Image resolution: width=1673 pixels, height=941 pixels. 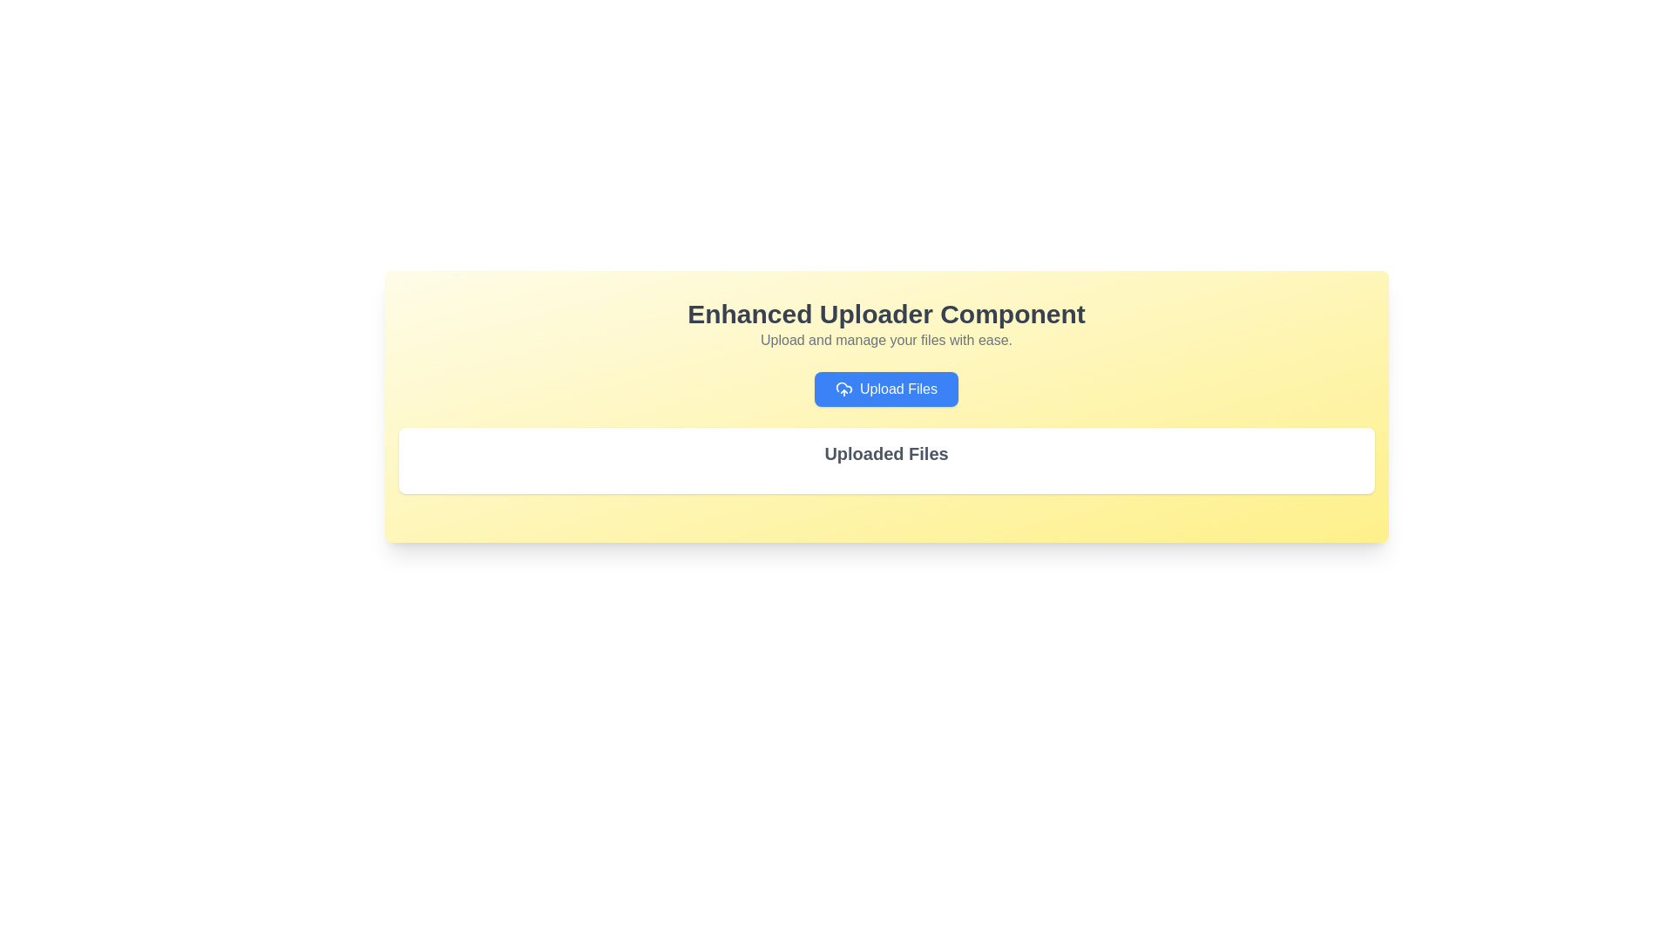 What do you see at coordinates (844, 389) in the screenshot?
I see `the cloud upload icon, which is part of the 'Upload Files' button, characterized by its thin outline design and upward-pointing arrow` at bounding box center [844, 389].